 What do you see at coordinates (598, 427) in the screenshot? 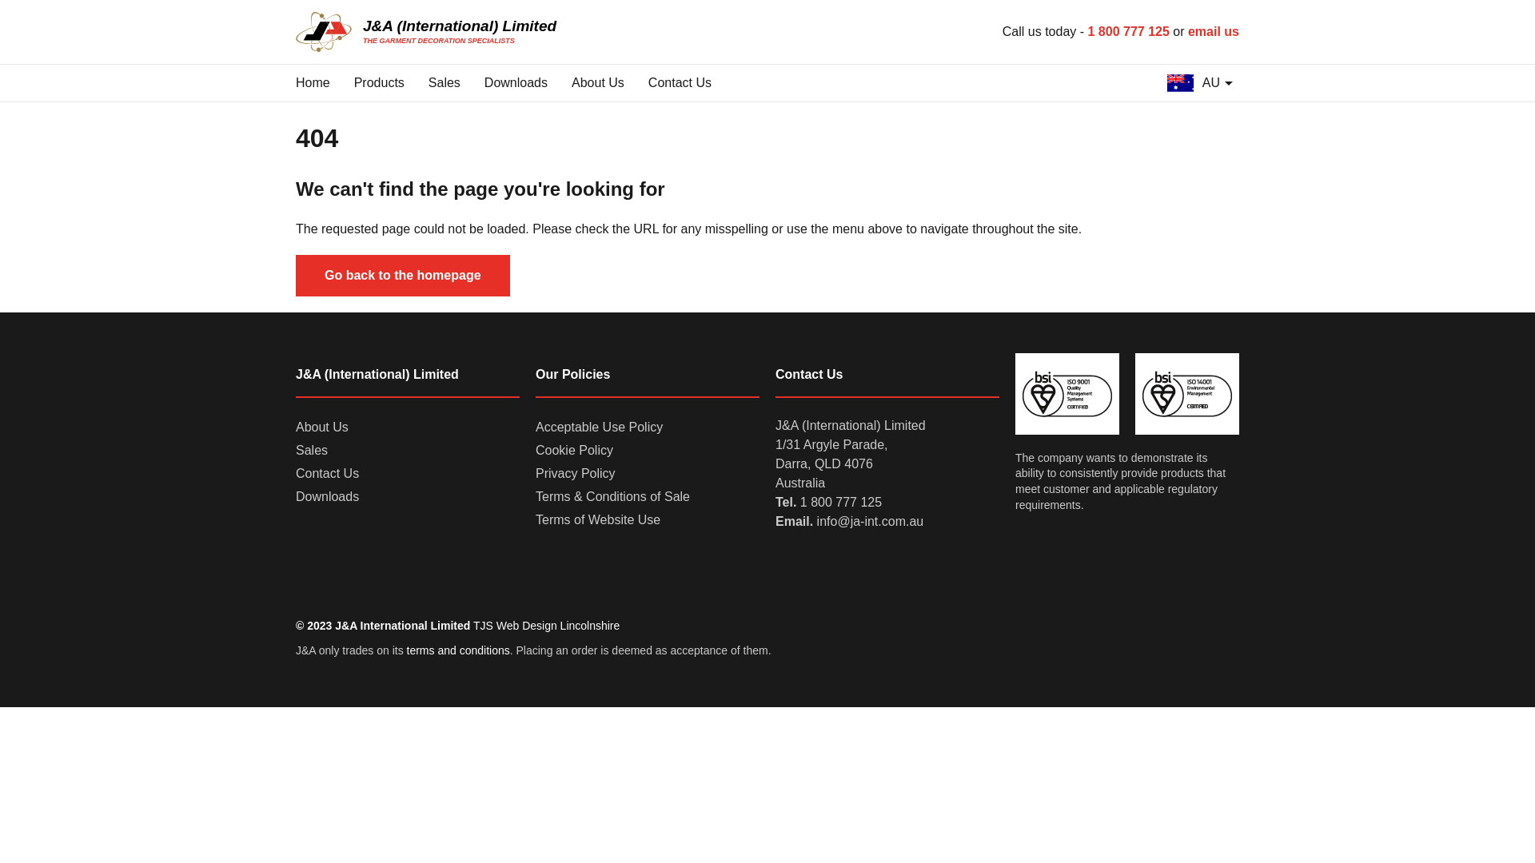
I see `'Acceptable Use Policy'` at bounding box center [598, 427].